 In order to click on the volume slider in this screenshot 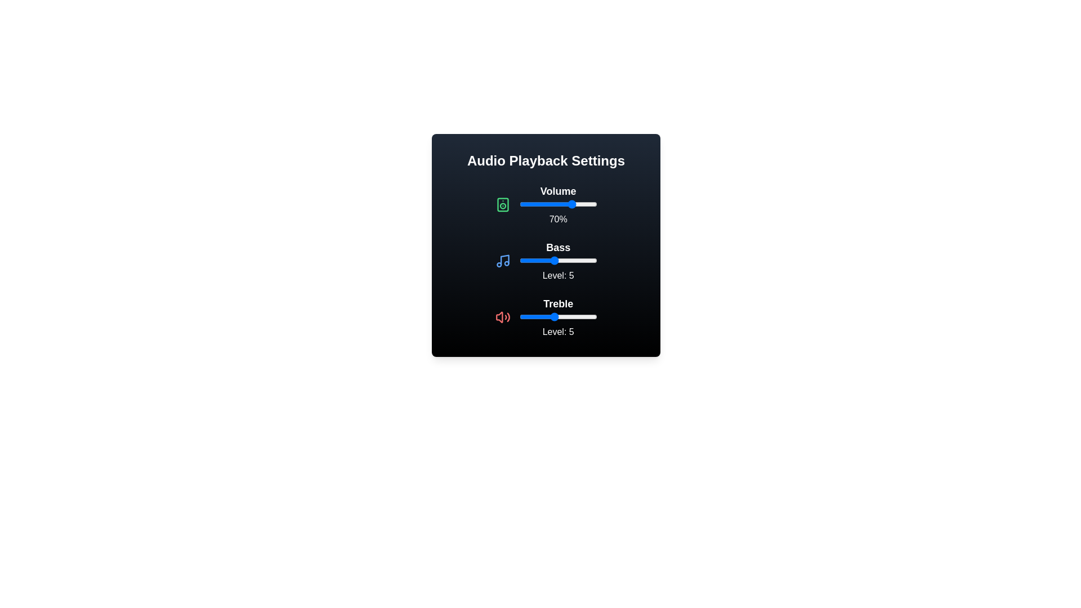, I will do `click(591, 204)`.